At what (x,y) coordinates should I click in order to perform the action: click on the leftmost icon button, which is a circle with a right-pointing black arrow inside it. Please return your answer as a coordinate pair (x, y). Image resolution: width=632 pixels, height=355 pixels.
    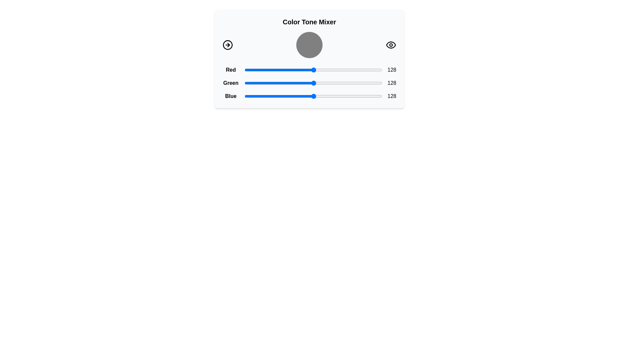
    Looking at the image, I should click on (227, 45).